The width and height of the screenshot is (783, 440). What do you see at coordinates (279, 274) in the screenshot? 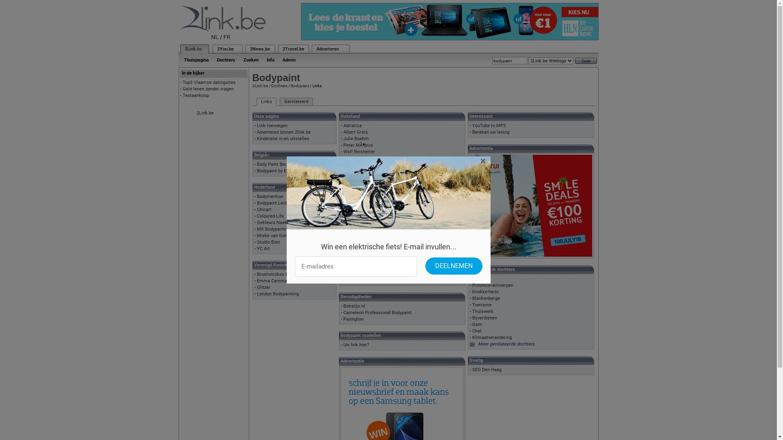
I see `'Brushstrokes Bodyart'` at bounding box center [279, 274].